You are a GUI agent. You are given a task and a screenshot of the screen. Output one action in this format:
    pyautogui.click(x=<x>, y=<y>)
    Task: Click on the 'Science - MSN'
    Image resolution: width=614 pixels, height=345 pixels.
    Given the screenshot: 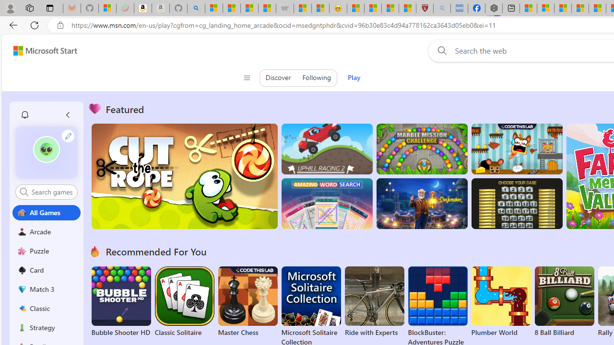 What is the action you would take?
    pyautogui.click(x=390, y=8)
    